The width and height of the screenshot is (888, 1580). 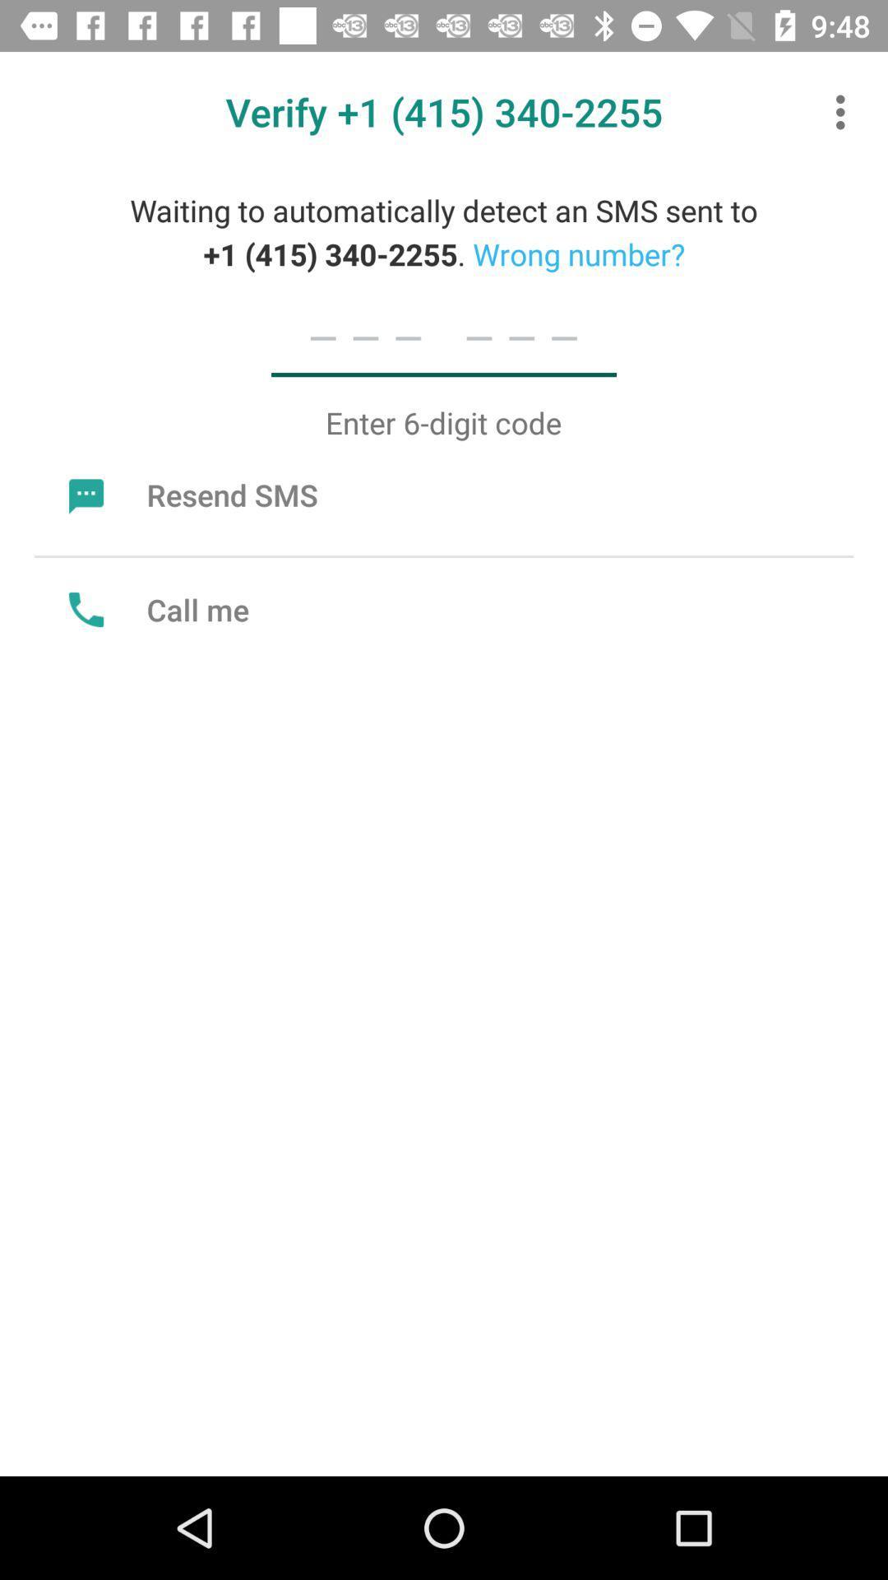 I want to click on call me on the left, so click(x=155, y=608).